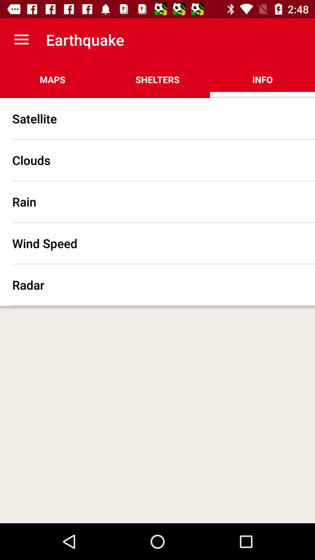 Image resolution: width=315 pixels, height=560 pixels. Describe the element at coordinates (52, 79) in the screenshot. I see `the maps item` at that location.